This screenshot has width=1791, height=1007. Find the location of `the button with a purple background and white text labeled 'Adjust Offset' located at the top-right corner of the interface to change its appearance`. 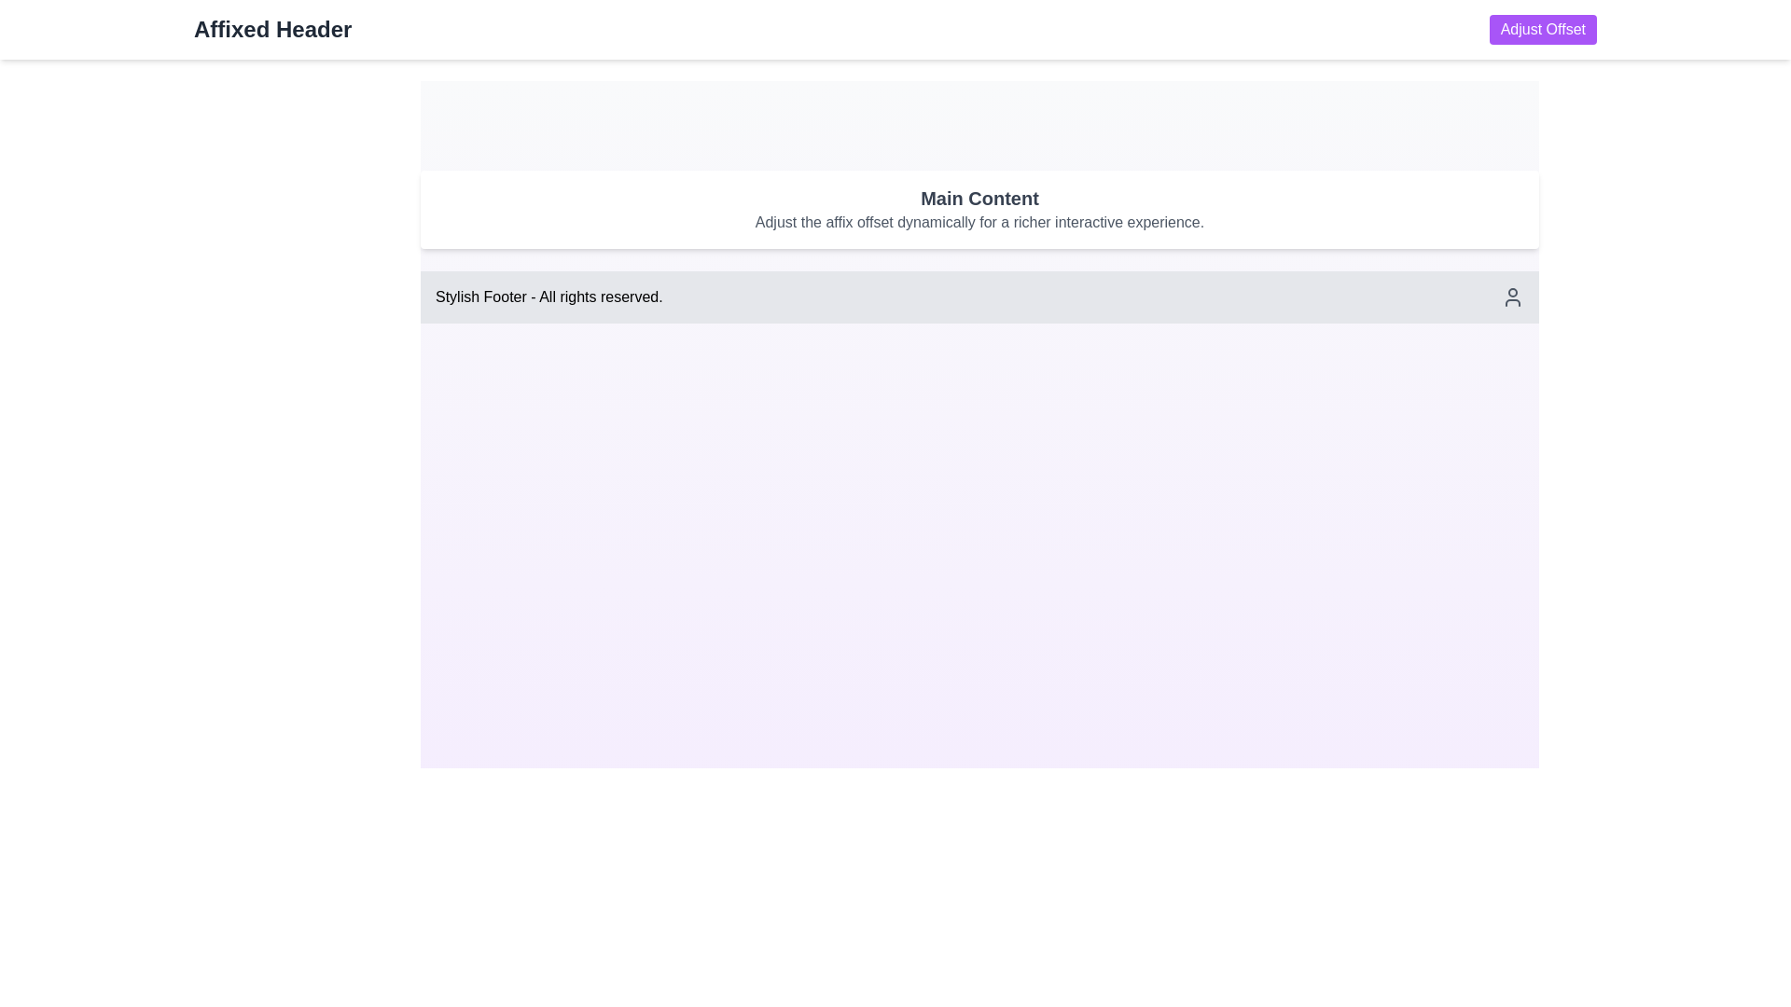

the button with a purple background and white text labeled 'Adjust Offset' located at the top-right corner of the interface to change its appearance is located at coordinates (1543, 29).